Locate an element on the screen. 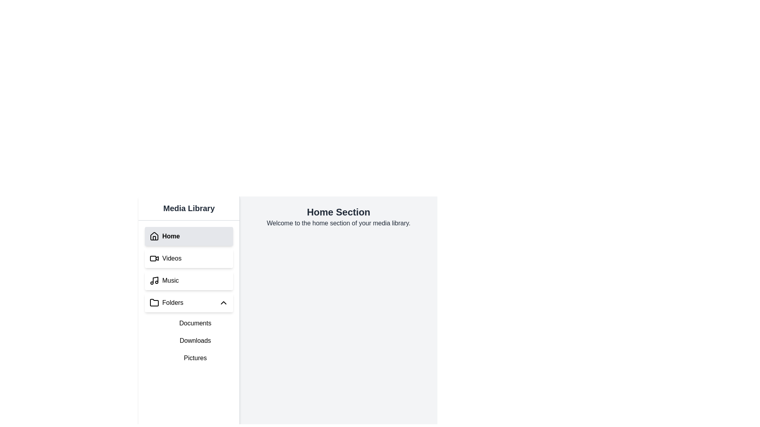  the door element of the house icon, which is part of the SVG graphics in the left-side navigation panel is located at coordinates (154, 238).